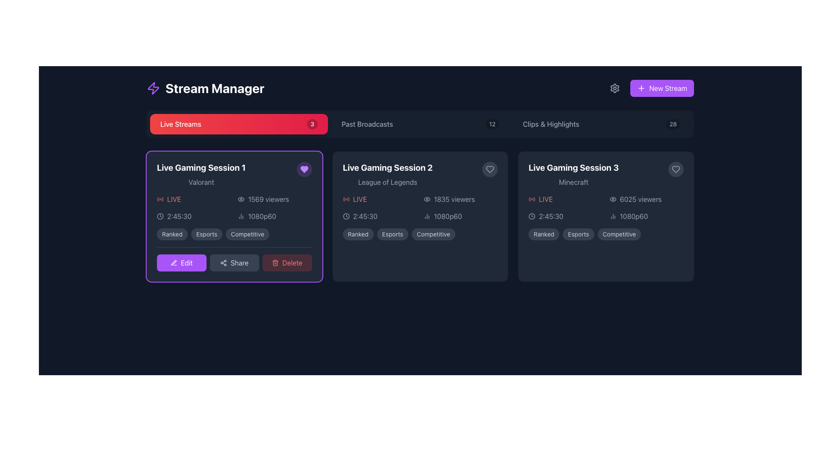 Image resolution: width=821 pixels, height=461 pixels. Describe the element at coordinates (387, 182) in the screenshot. I see `the text label displaying 'League of Legends' which is styled in gray and located below the title 'Live Gaming Session 2'` at that location.